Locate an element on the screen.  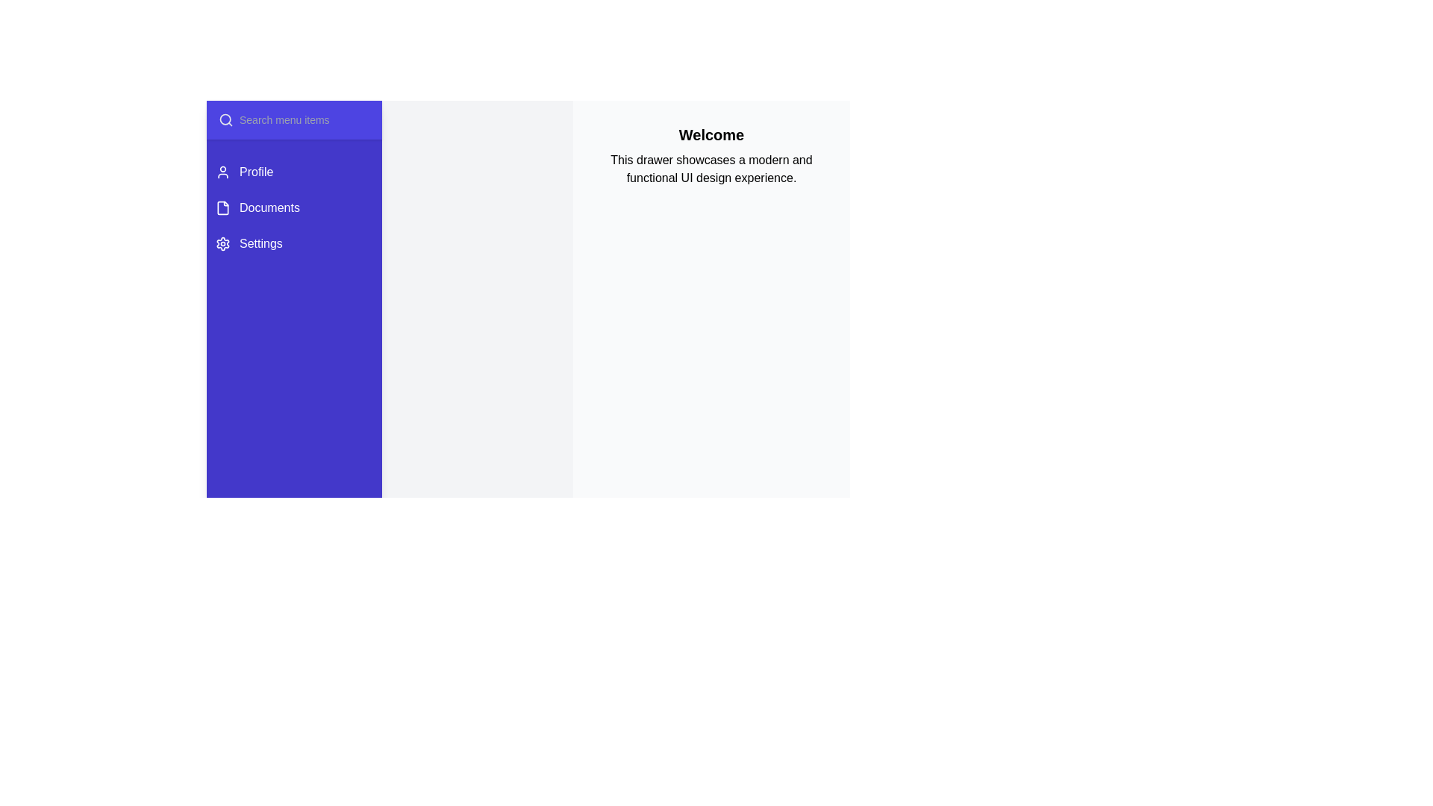
the Settings icon in the menu is located at coordinates (222, 243).